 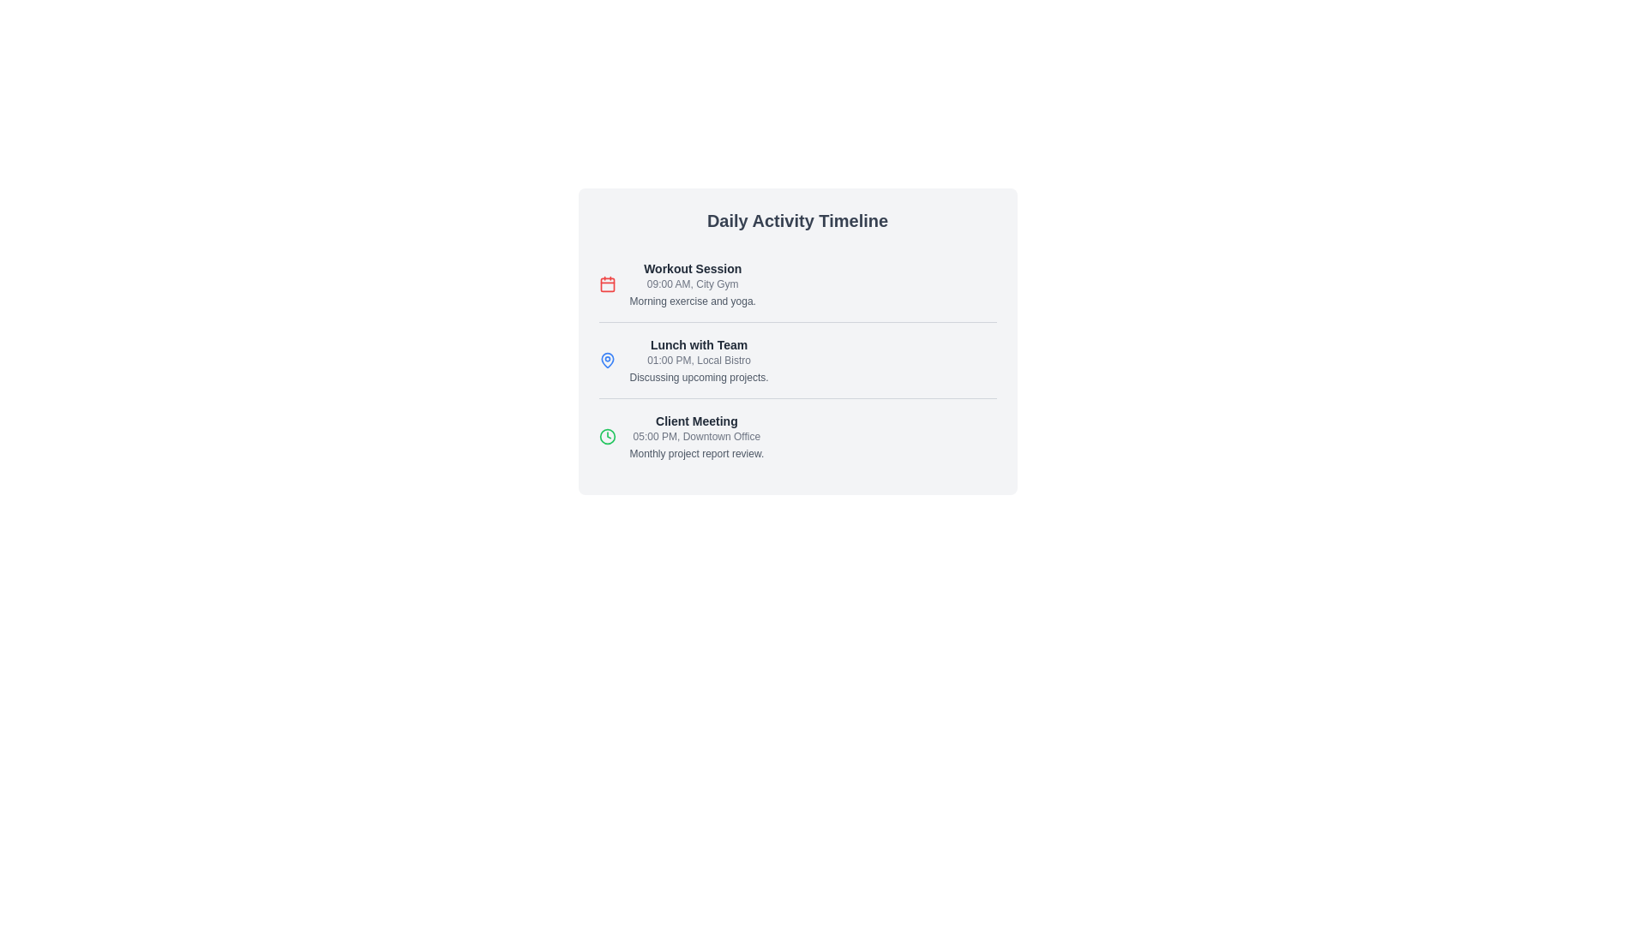 What do you see at coordinates (607, 435) in the screenshot?
I see `the SVG circle element at the center of the clock icon for the 'Client Meeting' entry in the 'Daily Activity Timeline'` at bounding box center [607, 435].